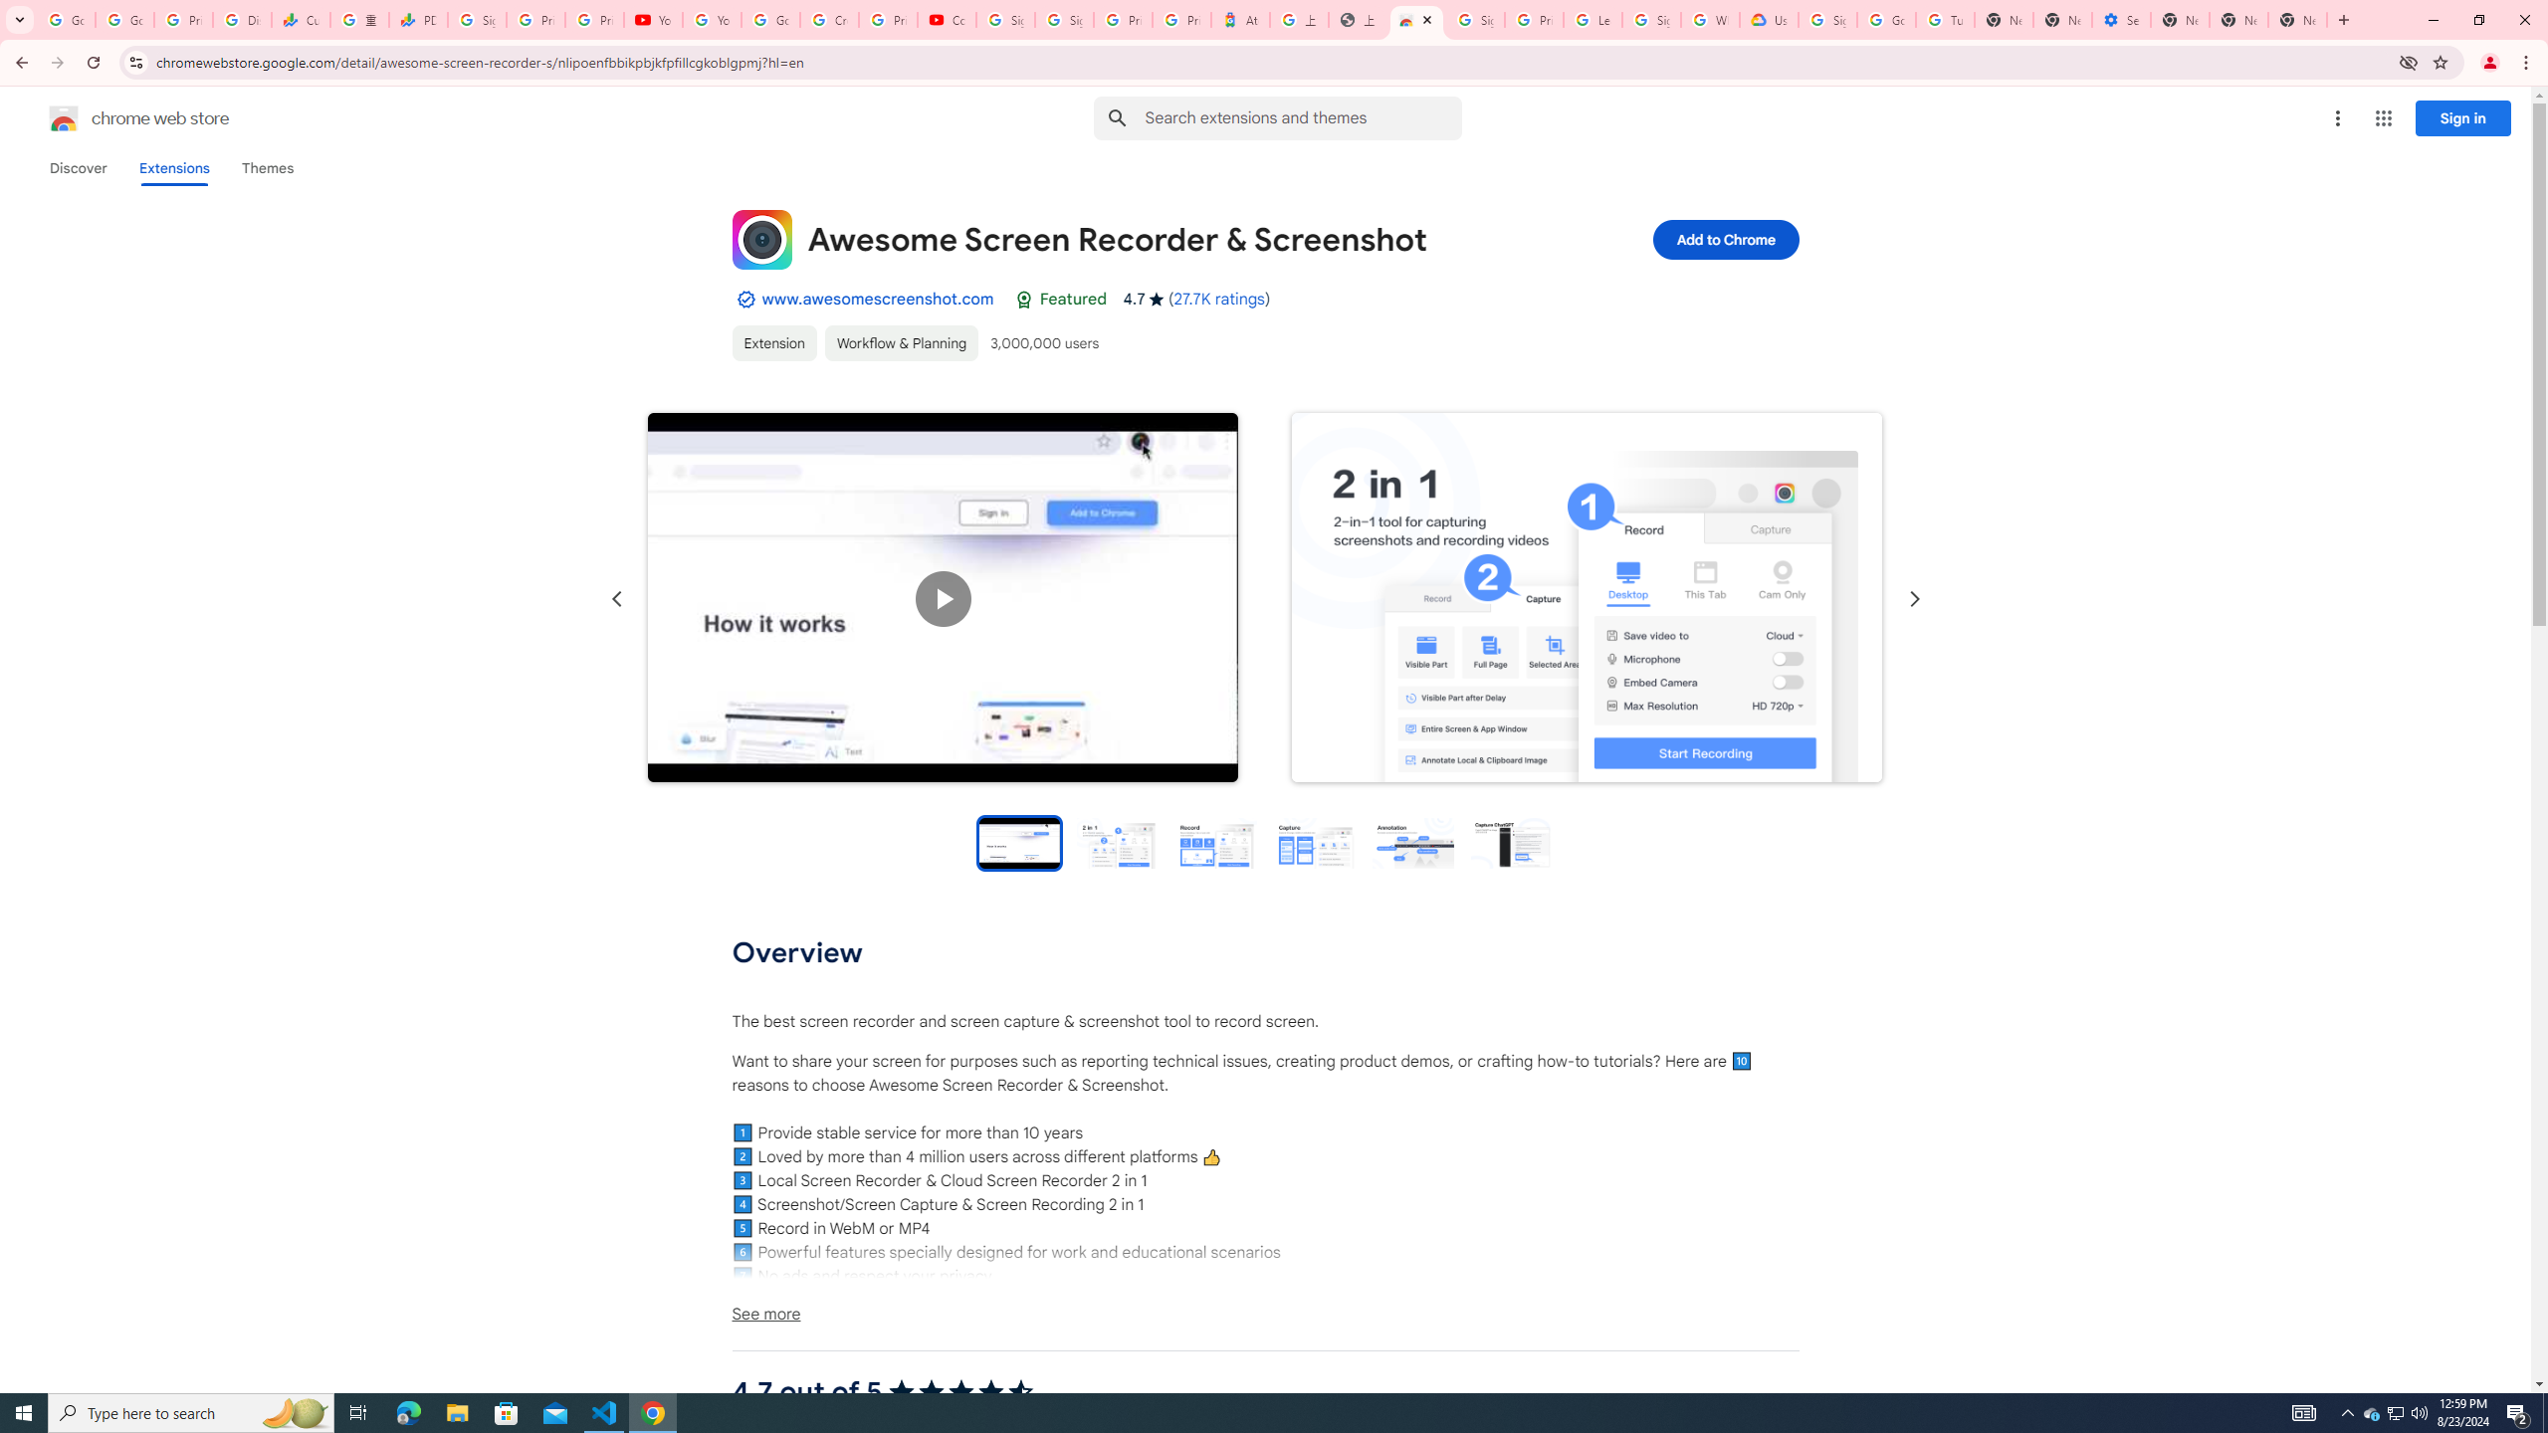  What do you see at coordinates (1214, 842) in the screenshot?
I see `'Preview slide 3'` at bounding box center [1214, 842].